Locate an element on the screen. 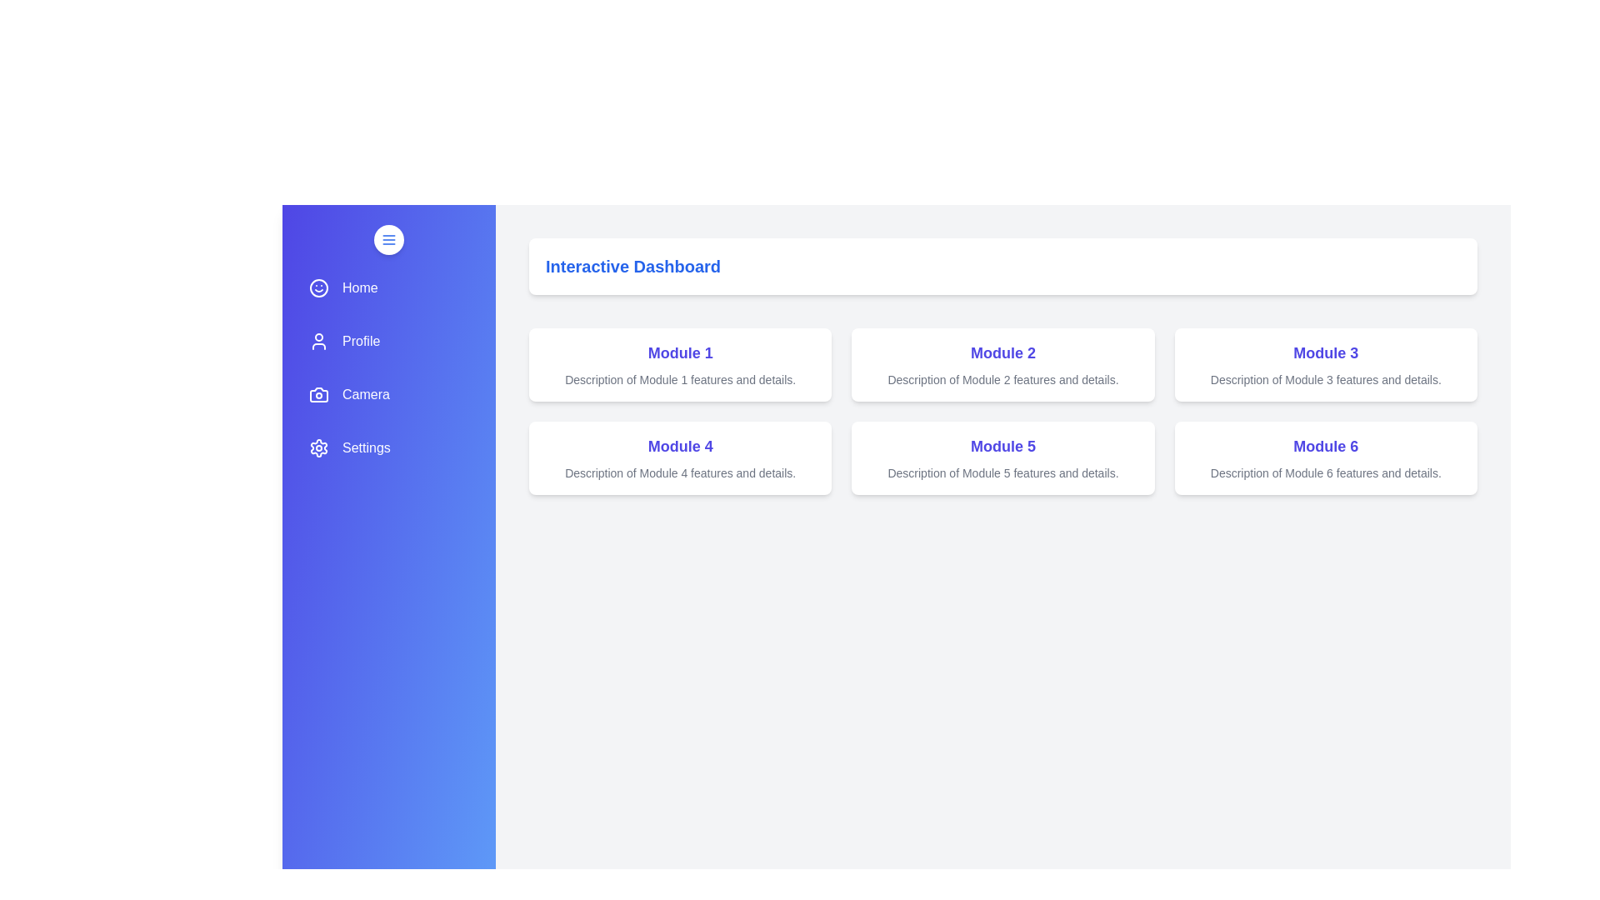 The image size is (1600, 900). text label displaying the title 'Module 3', which is bold, large-sized, and indigo-colored, centrally aligned within a white rectangular card is located at coordinates (1325, 352).